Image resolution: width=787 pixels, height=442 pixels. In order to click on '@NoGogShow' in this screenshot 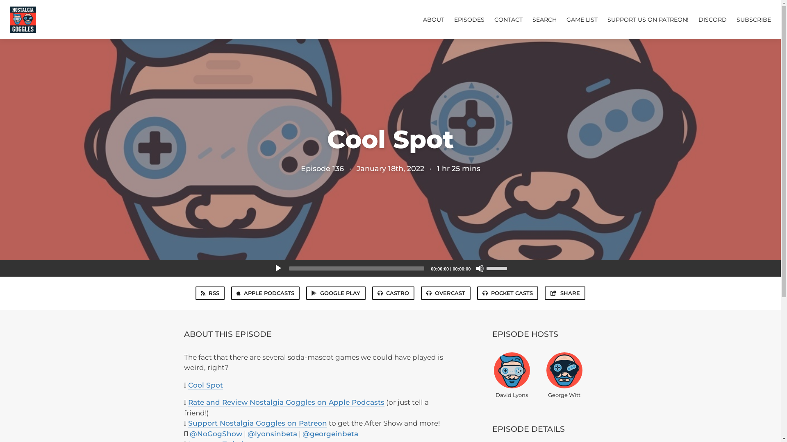, I will do `click(189, 433)`.